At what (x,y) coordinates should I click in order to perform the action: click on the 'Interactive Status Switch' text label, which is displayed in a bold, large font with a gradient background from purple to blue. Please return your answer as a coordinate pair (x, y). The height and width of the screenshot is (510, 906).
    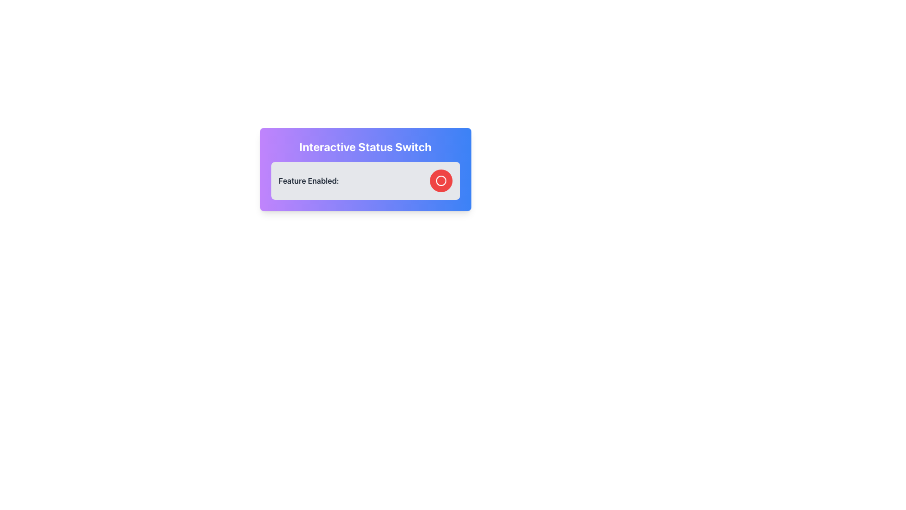
    Looking at the image, I should click on (365, 147).